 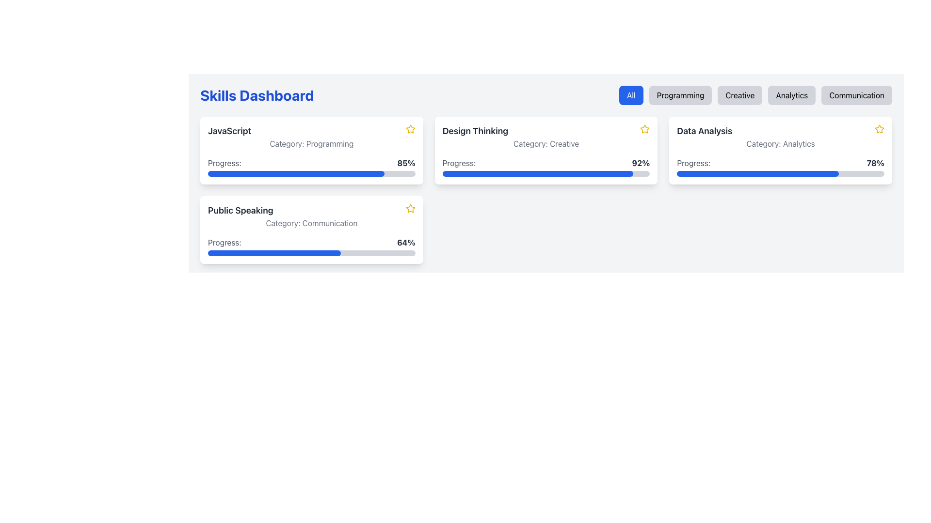 I want to click on the progress bar indicating 64% completion within the 'Public Speaking' card under the 'Skills Dashboard', so click(x=311, y=246).